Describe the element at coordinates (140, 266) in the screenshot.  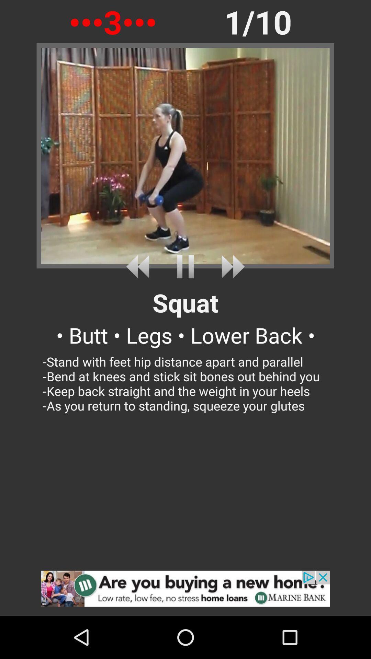
I see `rewind` at that location.